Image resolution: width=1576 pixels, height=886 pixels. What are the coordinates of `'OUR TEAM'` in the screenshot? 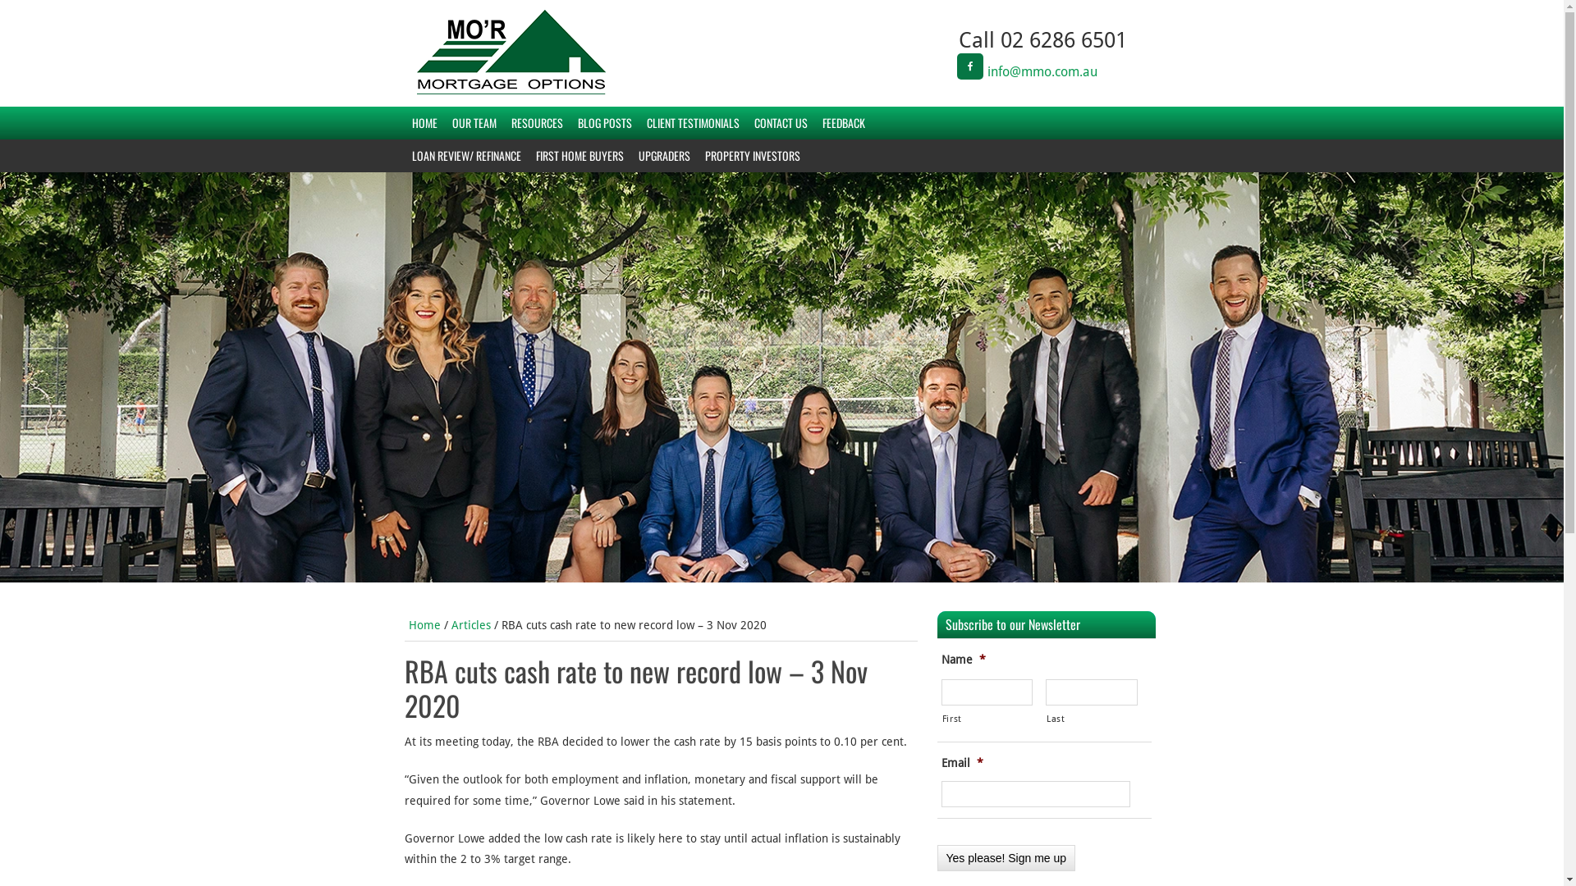 It's located at (473, 122).